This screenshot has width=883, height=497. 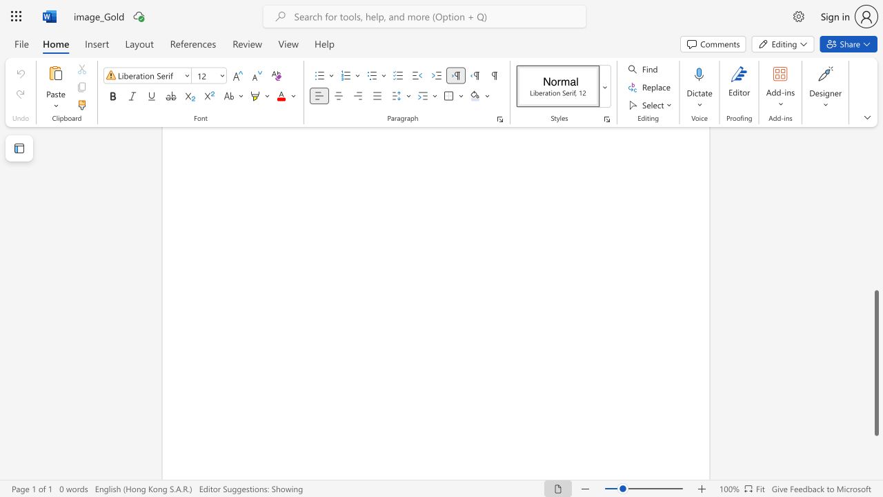 What do you see at coordinates (875, 164) in the screenshot?
I see `the scrollbar to slide the page up` at bounding box center [875, 164].